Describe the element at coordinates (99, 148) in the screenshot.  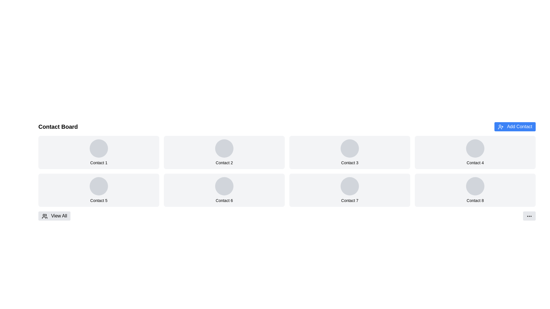
I see `the Avatar placeholder located in the card labeled 'Contact 1'` at that location.